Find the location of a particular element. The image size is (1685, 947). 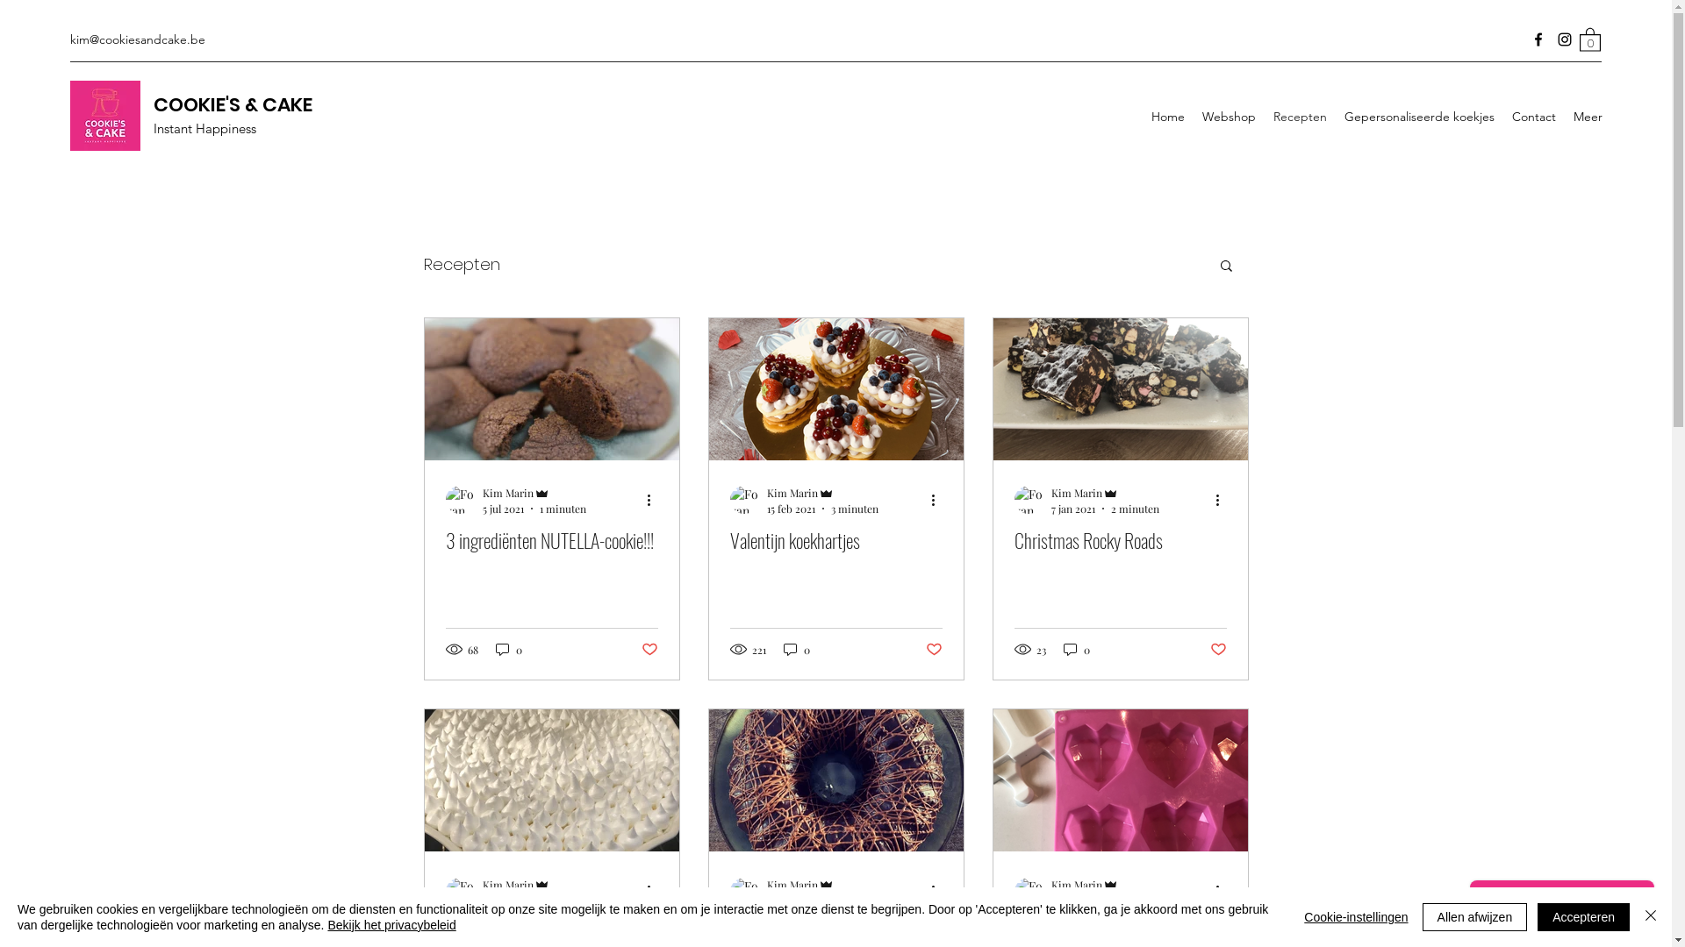

'COOKIE'S & CAKE' is located at coordinates (232, 104).